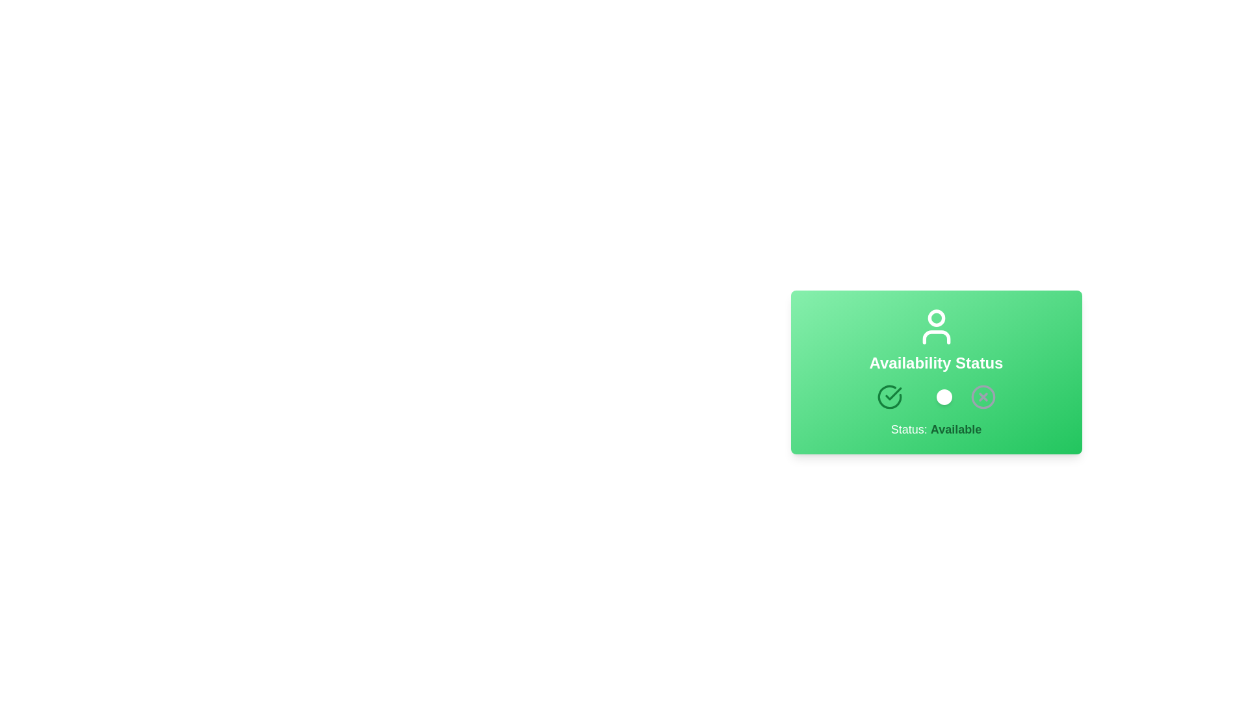  Describe the element at coordinates (936, 318) in the screenshot. I see `the upper circle of the user-profile icon, which visually represents the user's status or profile information` at that location.